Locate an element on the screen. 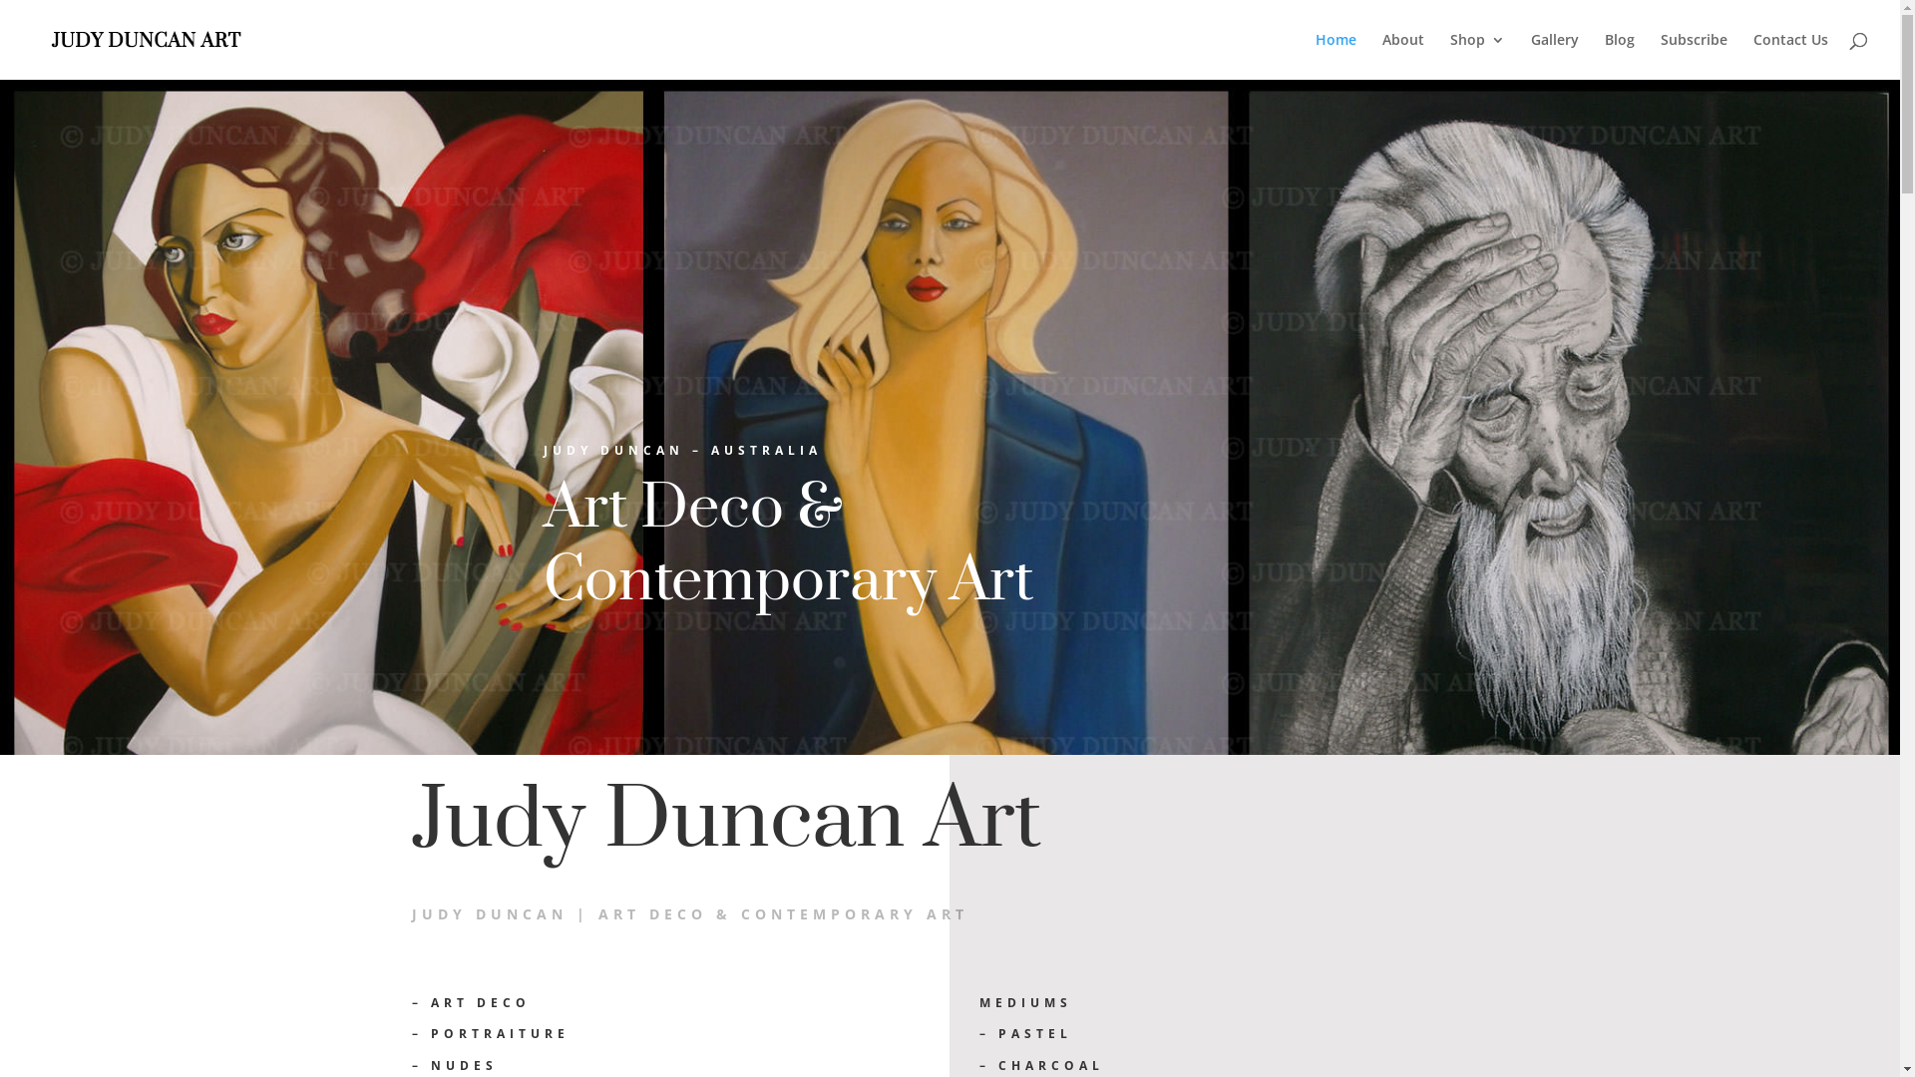  'Gallery' is located at coordinates (1554, 55).